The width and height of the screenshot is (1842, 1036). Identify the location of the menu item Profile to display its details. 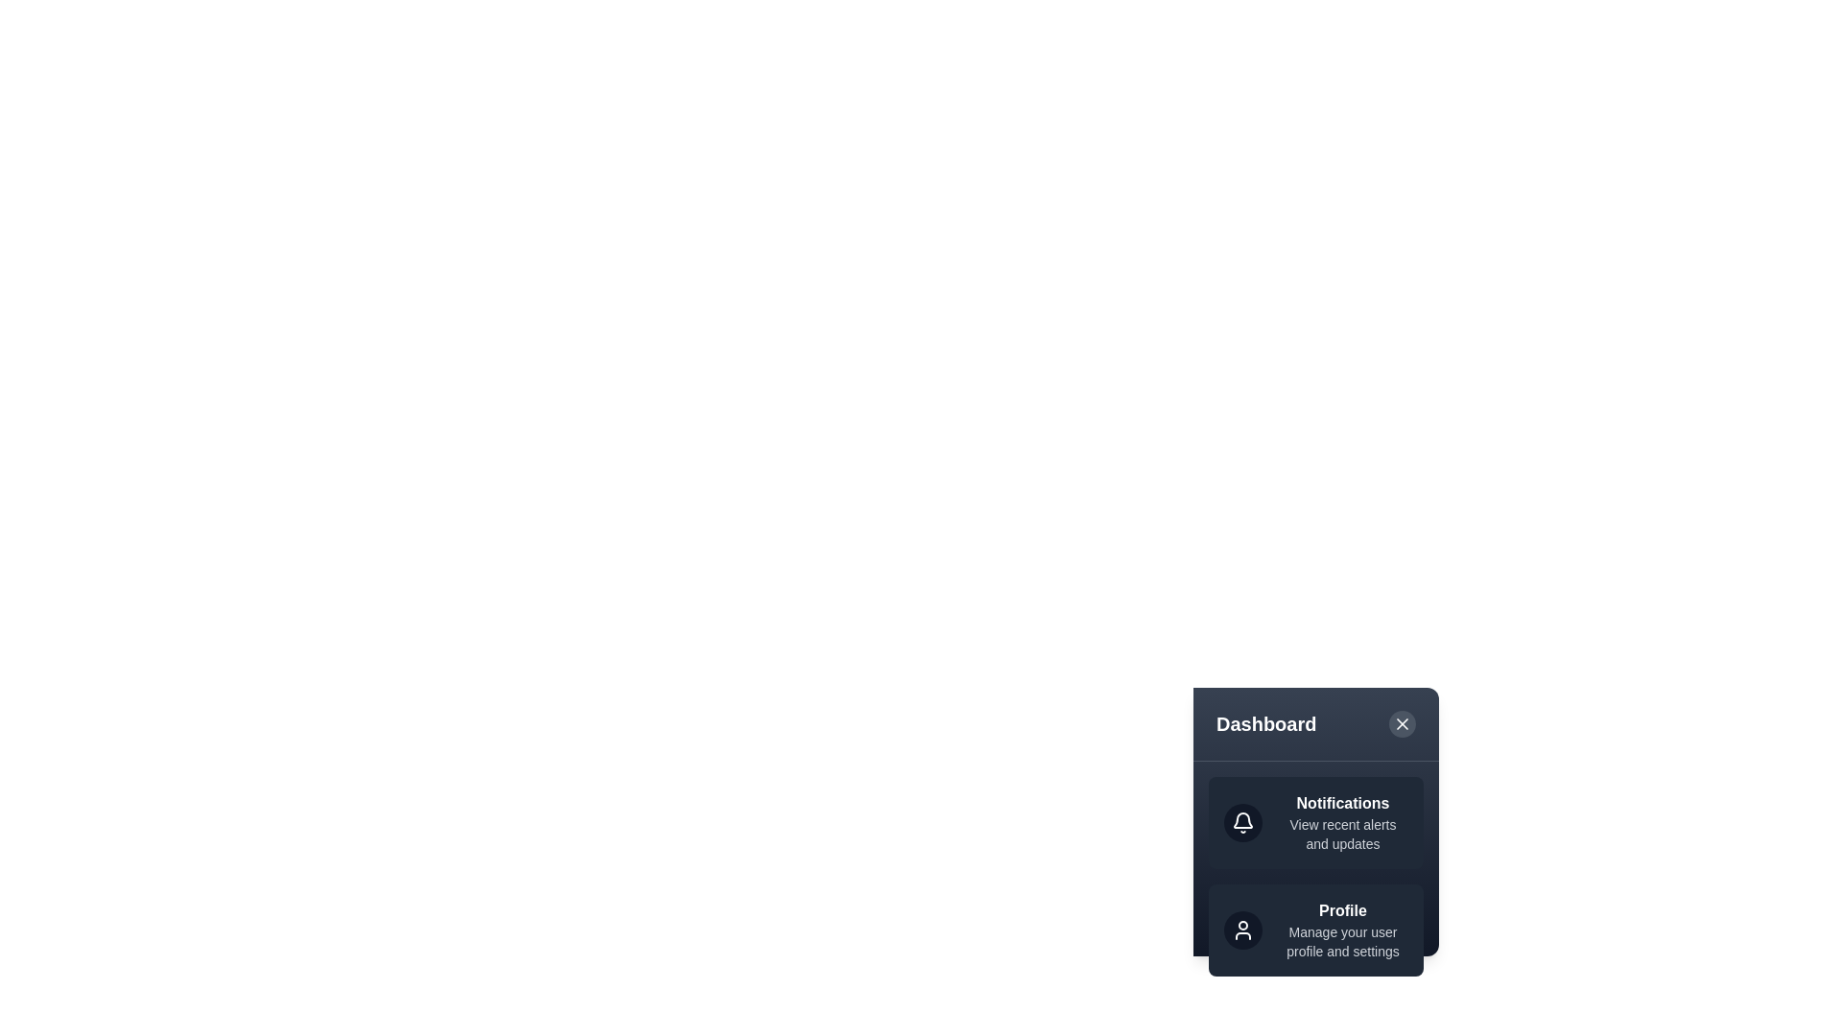
(1315, 929).